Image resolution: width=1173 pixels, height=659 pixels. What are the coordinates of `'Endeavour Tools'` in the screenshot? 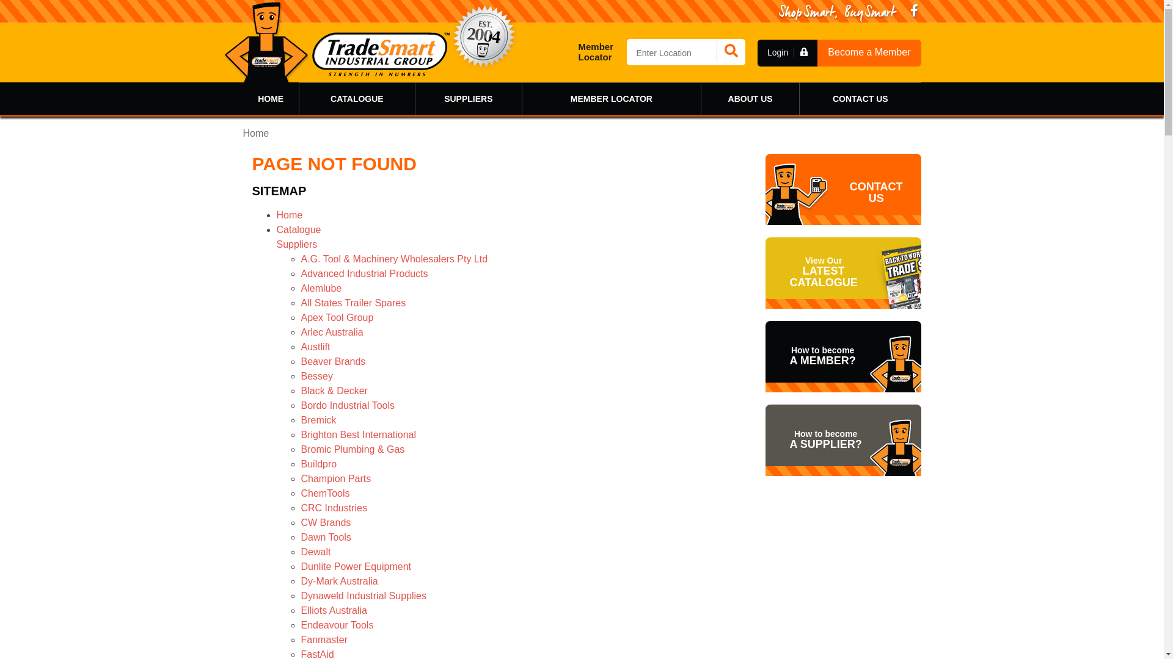 It's located at (337, 625).